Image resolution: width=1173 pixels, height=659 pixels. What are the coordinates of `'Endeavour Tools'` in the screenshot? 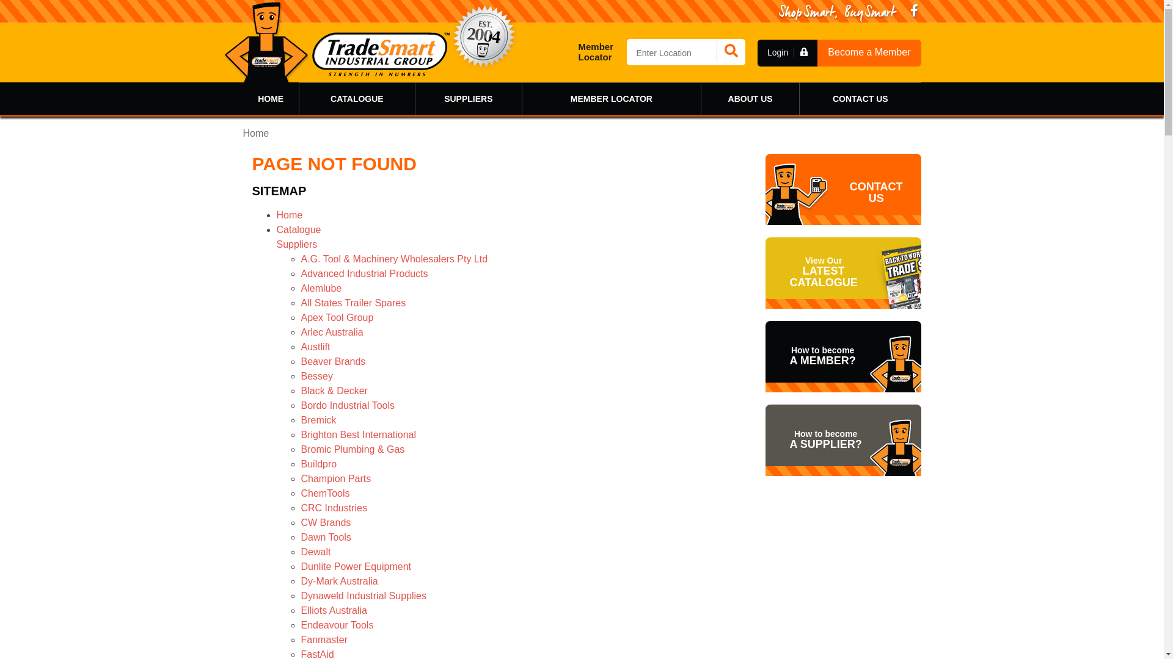 It's located at (337, 625).